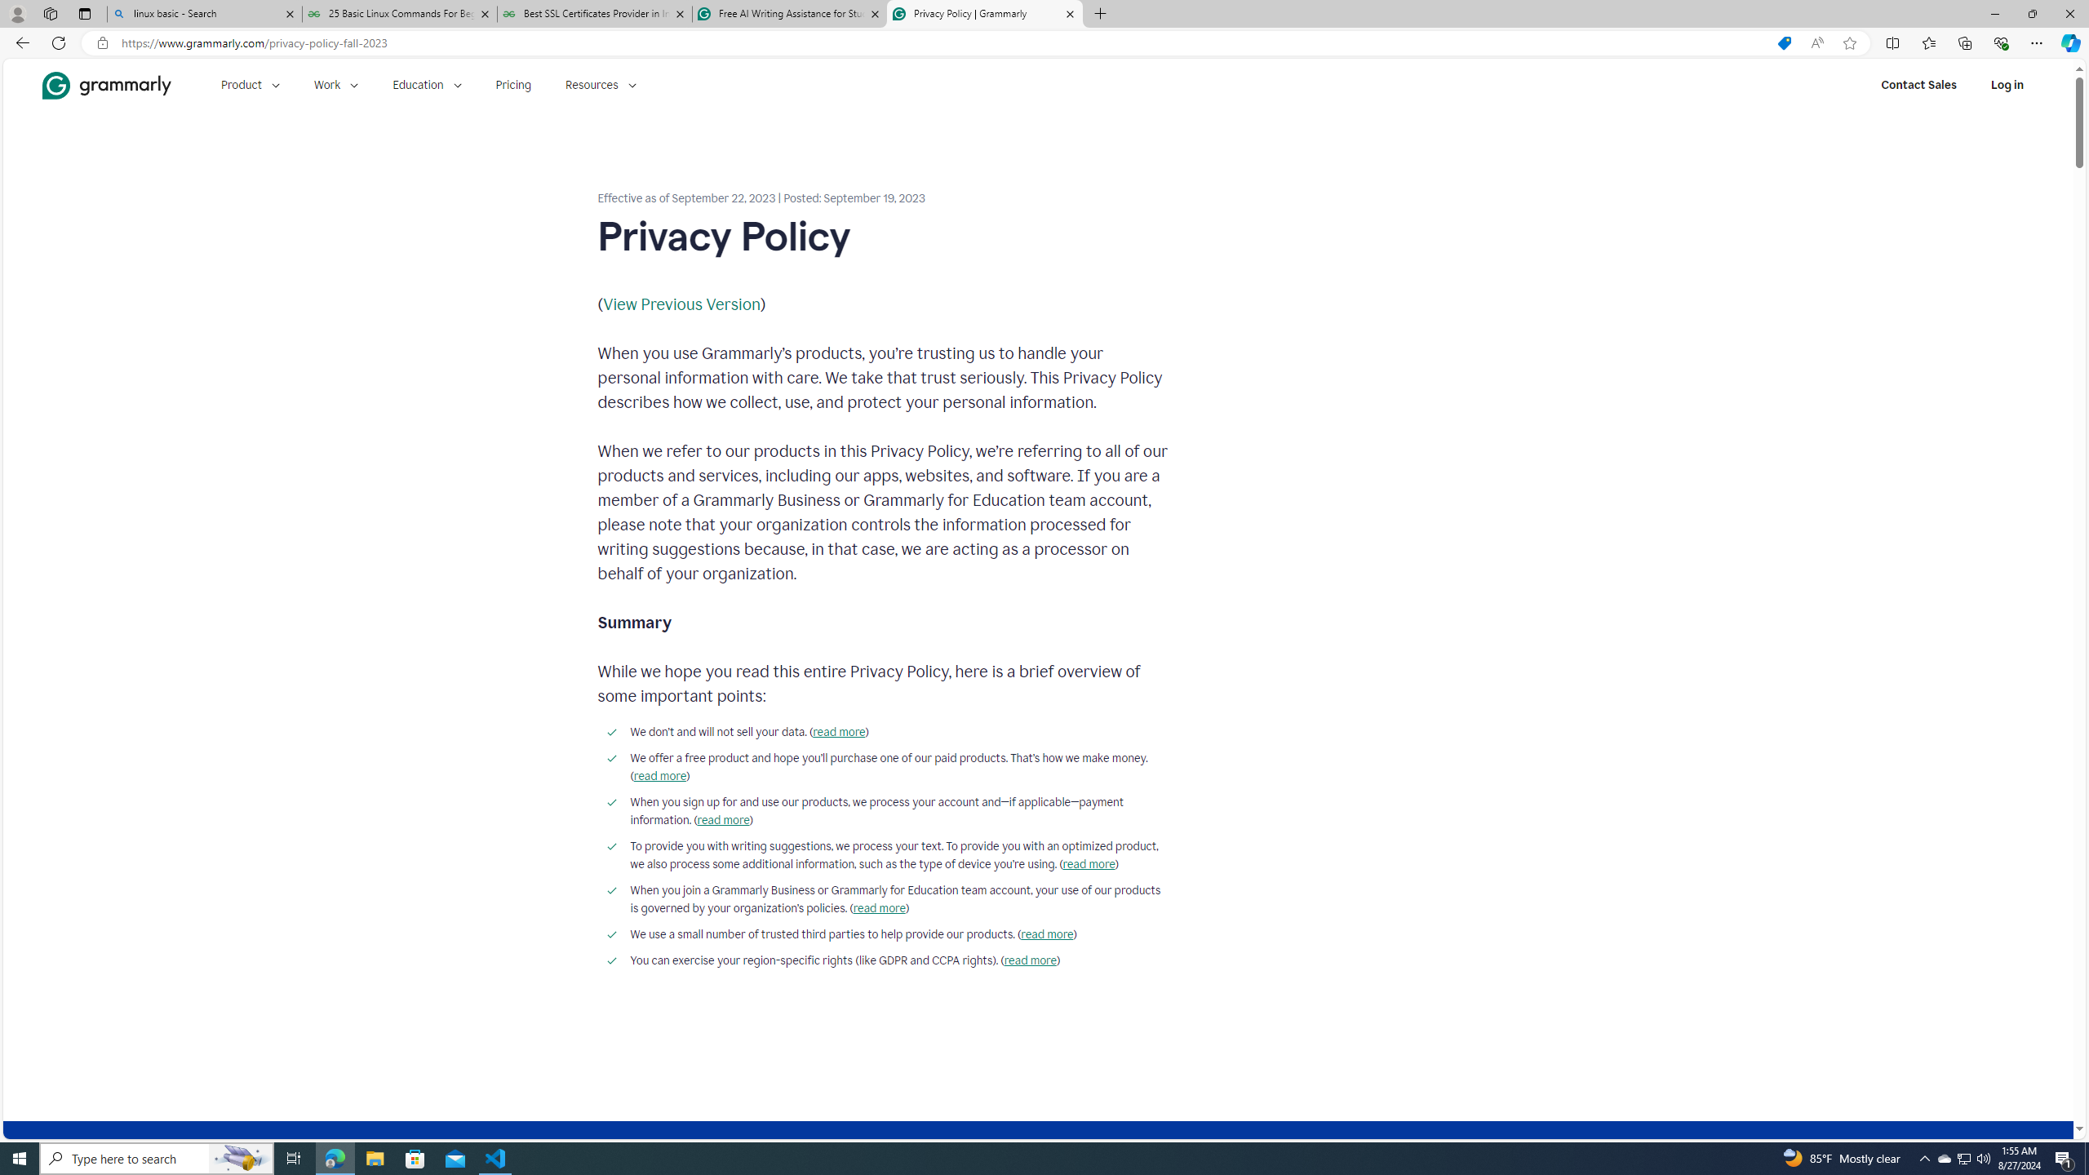 Image resolution: width=2089 pixels, height=1175 pixels. I want to click on 'Resources', so click(601, 84).